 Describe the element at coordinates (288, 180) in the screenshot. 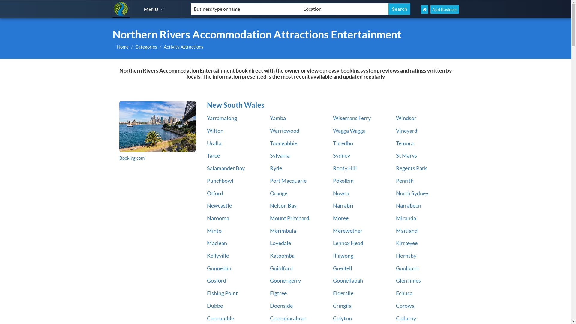

I see `'Port Macquarie'` at that location.